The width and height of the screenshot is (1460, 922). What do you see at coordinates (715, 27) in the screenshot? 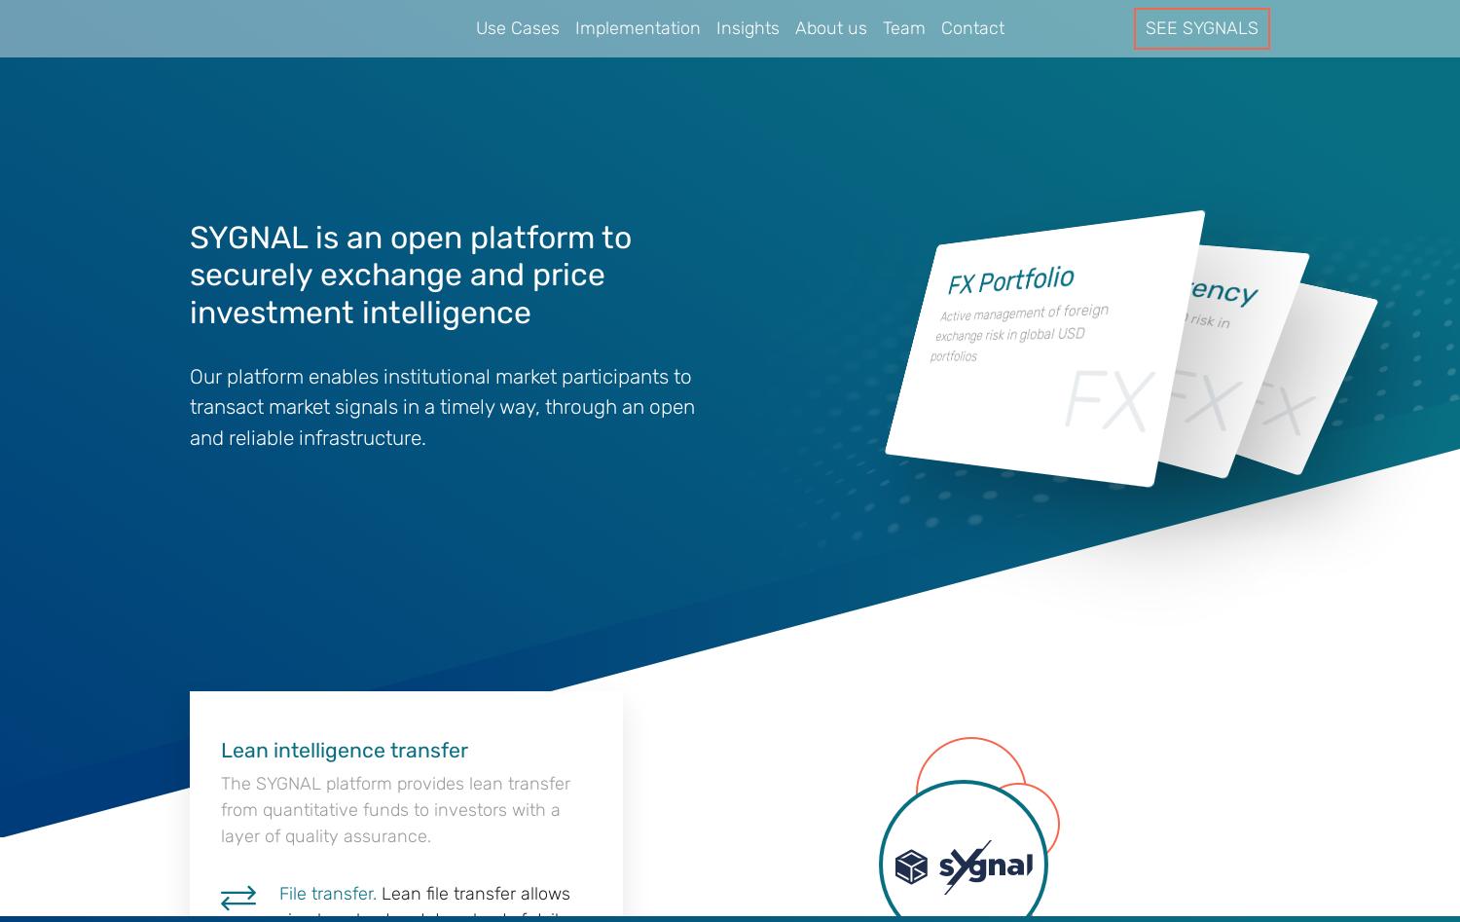
I see `'Insights'` at bounding box center [715, 27].